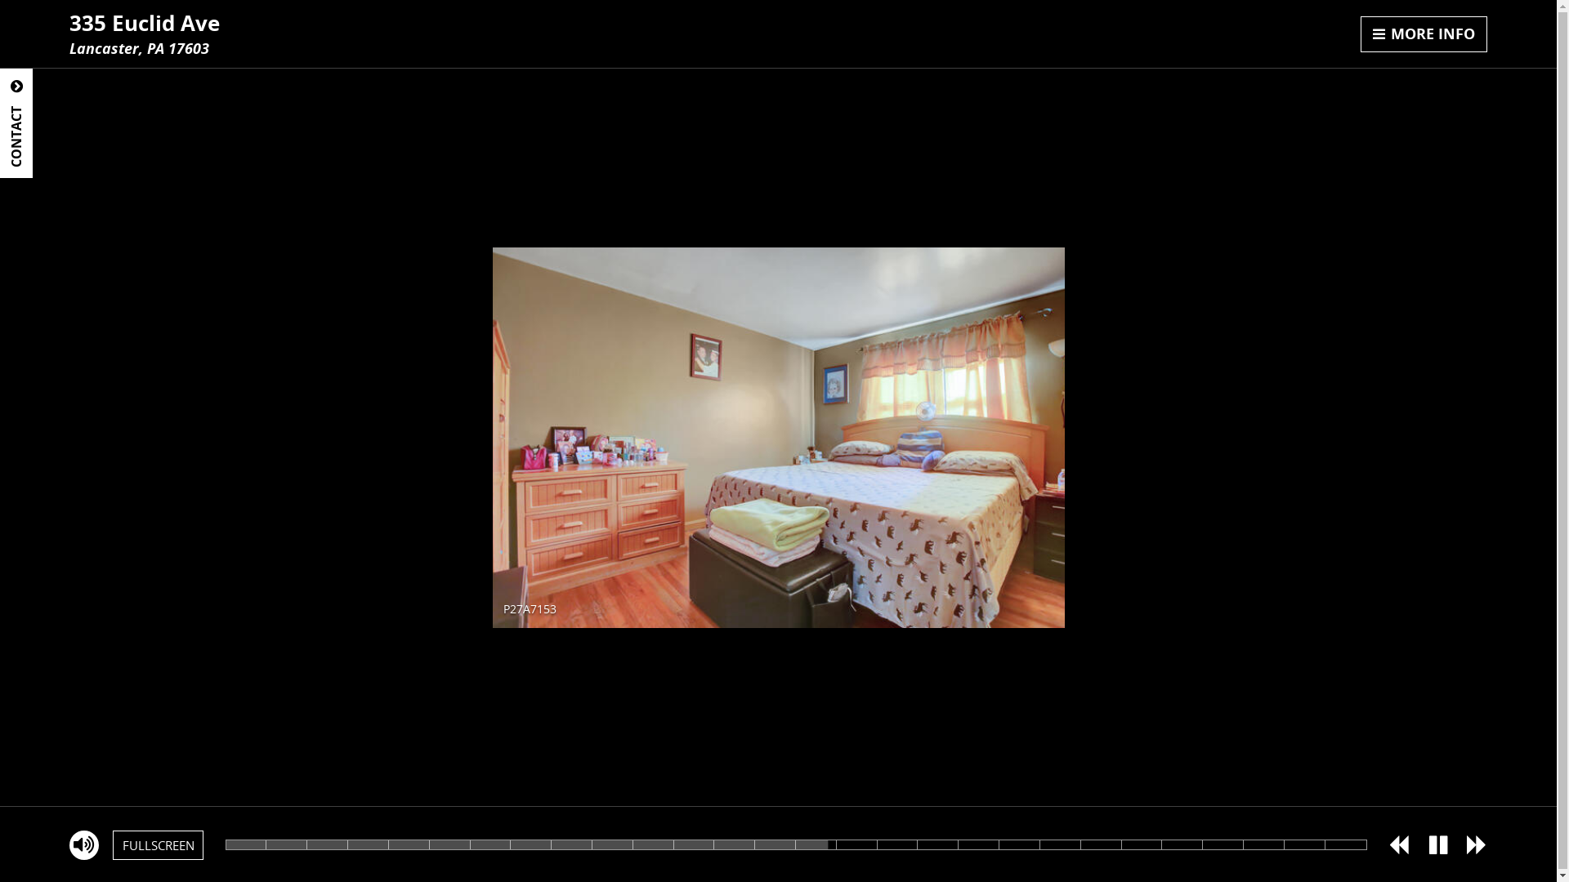  What do you see at coordinates (1423, 34) in the screenshot?
I see `'MORE INFO'` at bounding box center [1423, 34].